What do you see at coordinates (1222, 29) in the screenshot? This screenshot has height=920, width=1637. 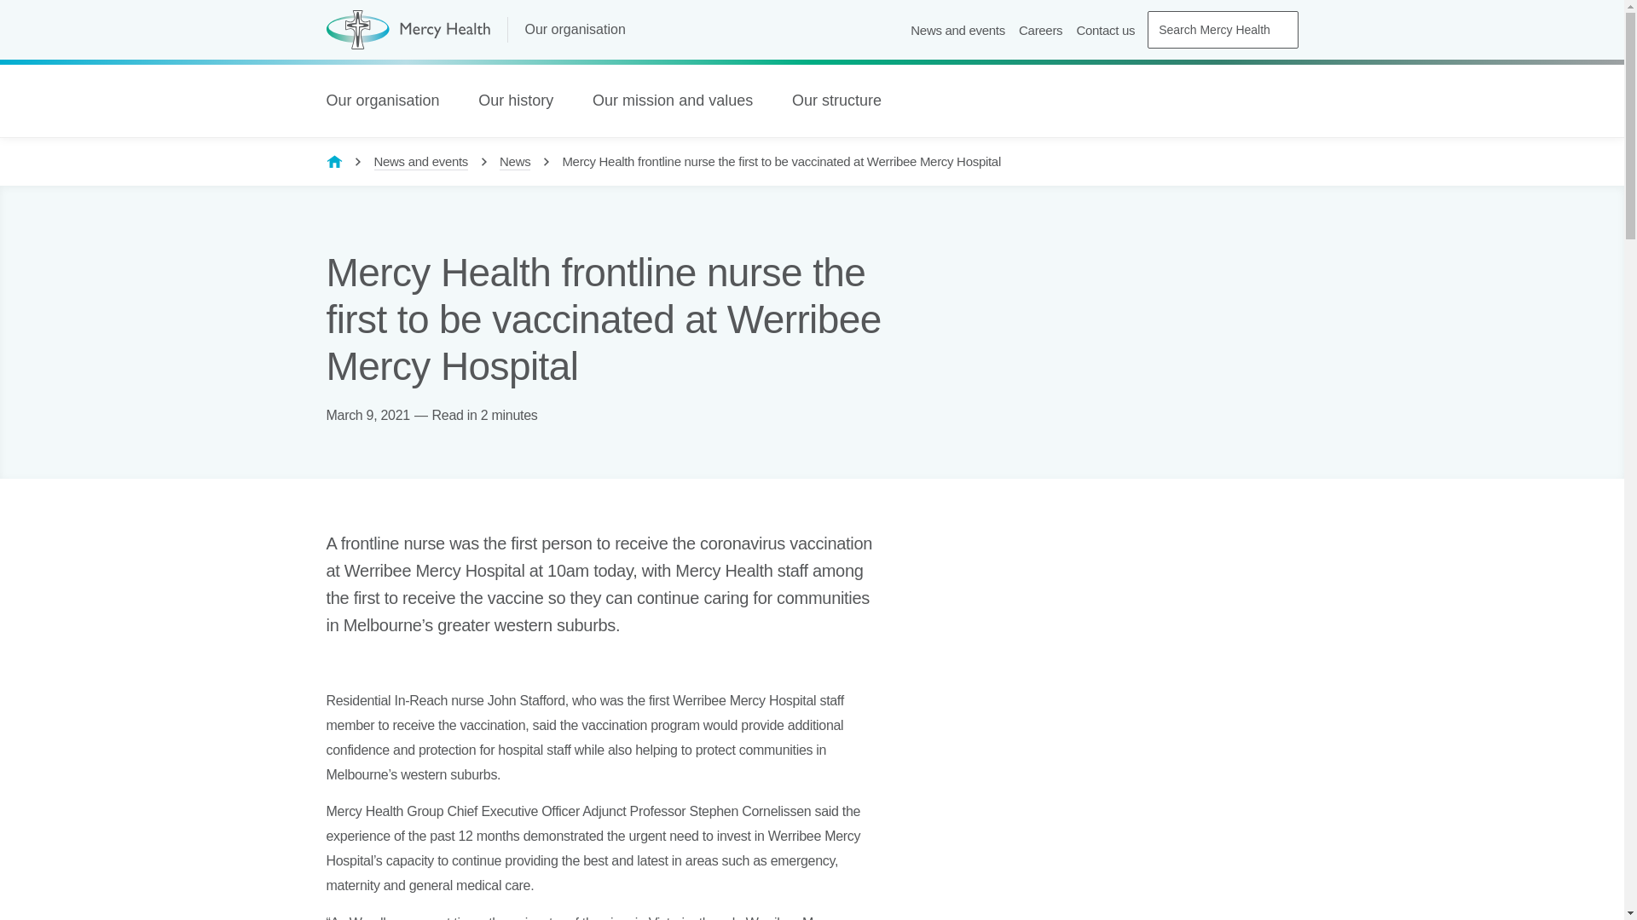 I see `'Search Mercy Health'` at bounding box center [1222, 29].